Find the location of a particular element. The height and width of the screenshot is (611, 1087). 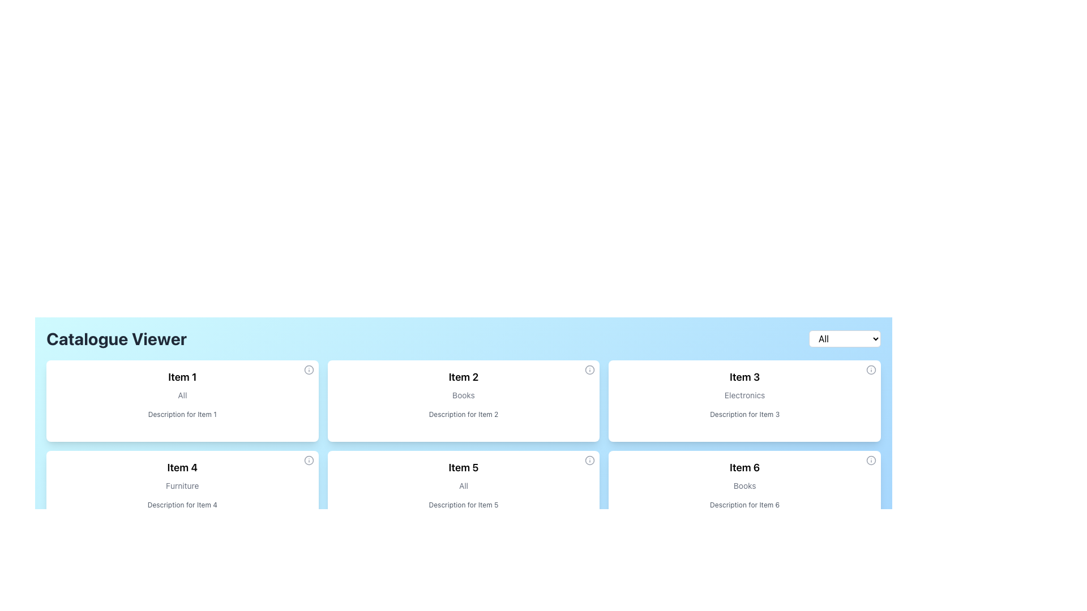

the text label displaying 'Item 1' in bold font style, located at the top of the card in the 'Catalogue Viewer' section is located at coordinates (182, 377).